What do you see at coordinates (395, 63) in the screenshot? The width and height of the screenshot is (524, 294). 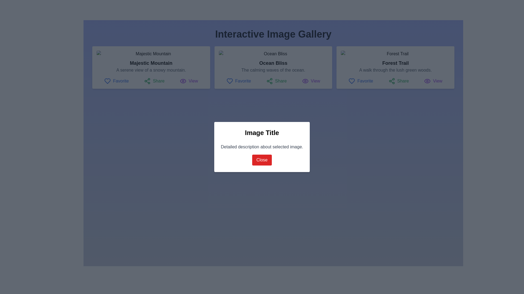 I see `the 'Forest Trail' text label, which is prominently displayed in a bold and large font within the third card from the left` at bounding box center [395, 63].